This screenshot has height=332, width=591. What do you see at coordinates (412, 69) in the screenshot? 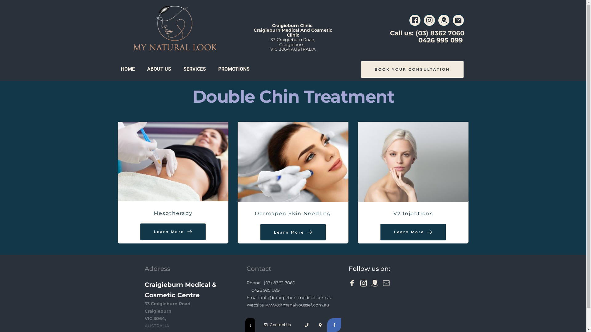
I see `'BOOK YOUR CONSULTATION'` at bounding box center [412, 69].